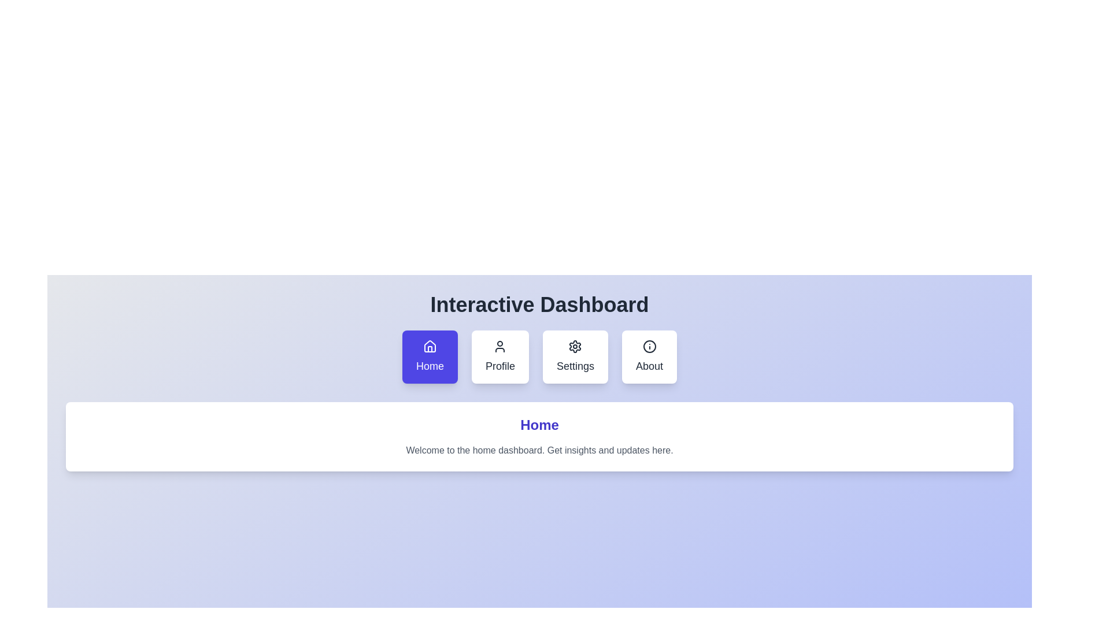 The width and height of the screenshot is (1110, 624). What do you see at coordinates (539, 450) in the screenshot?
I see `the welcoming and informational Static Text element located directly below the 'Home' text in the dashboard interface` at bounding box center [539, 450].